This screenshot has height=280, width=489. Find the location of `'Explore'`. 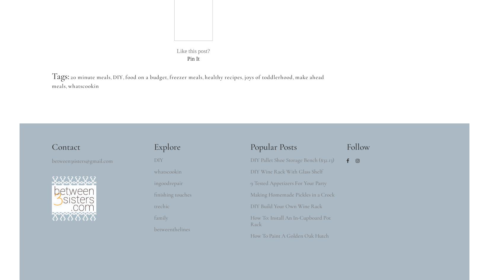

'Explore' is located at coordinates (167, 147).